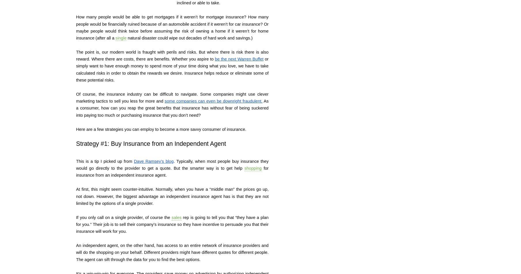  I want to click on 'Dave Ramsey’s blog', so click(153, 160).